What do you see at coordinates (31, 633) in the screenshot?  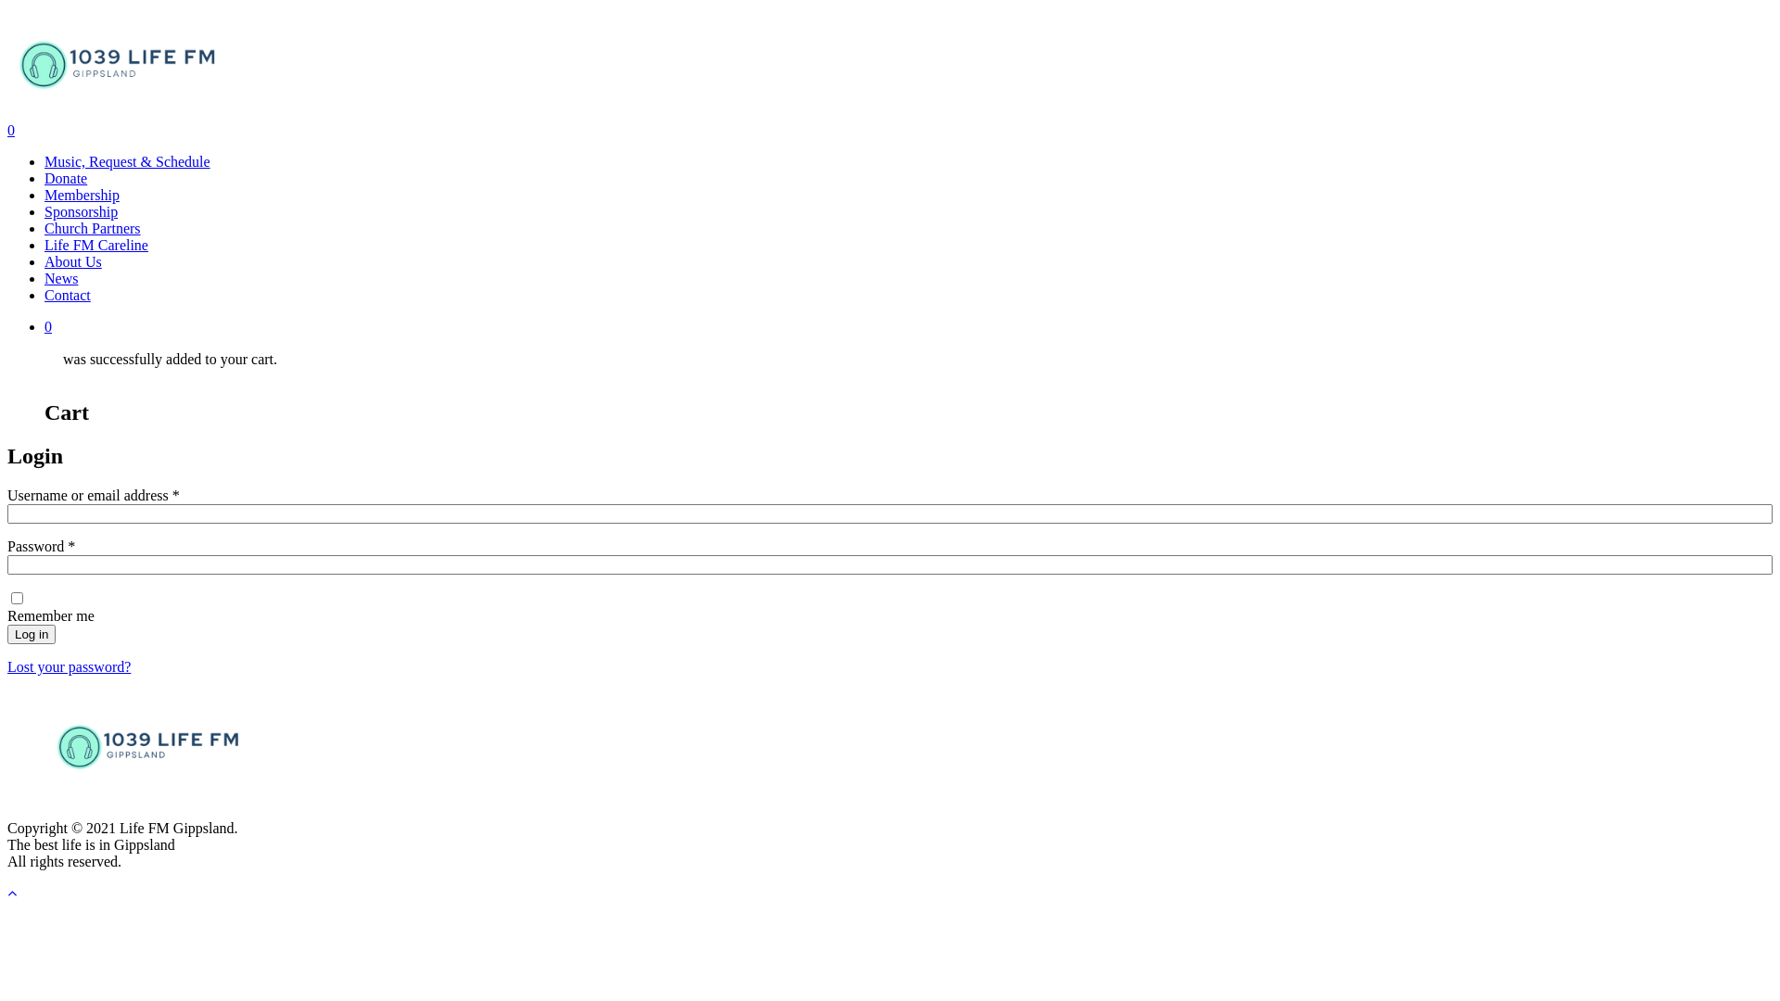 I see `'Log in'` at bounding box center [31, 633].